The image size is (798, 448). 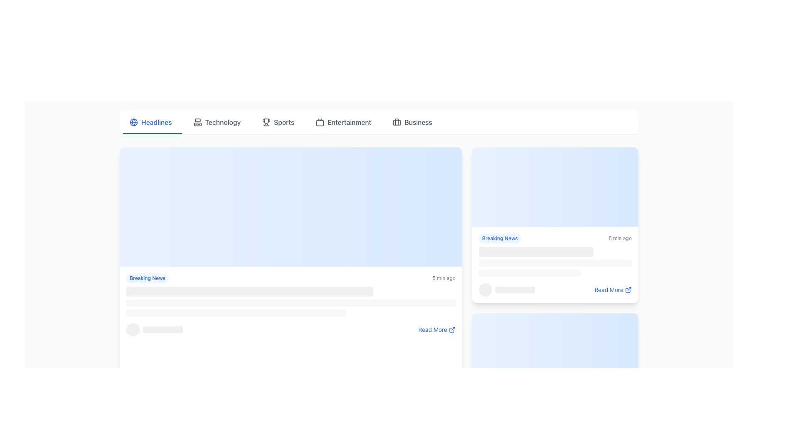 I want to click on the placeholder or skeleton loader located to the right of the circular component and below the 'Breaking News' section, indicating content loading, so click(x=163, y=329).